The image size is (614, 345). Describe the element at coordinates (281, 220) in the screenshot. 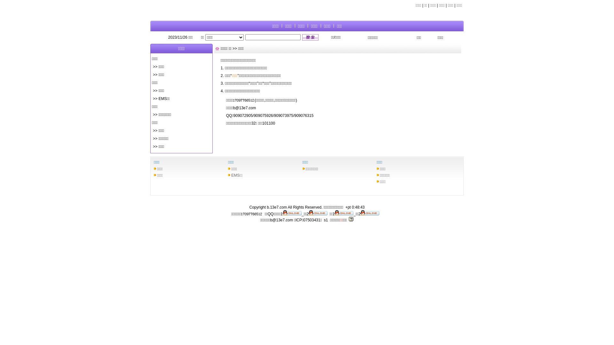

I see `'b@13e7.com'` at that location.